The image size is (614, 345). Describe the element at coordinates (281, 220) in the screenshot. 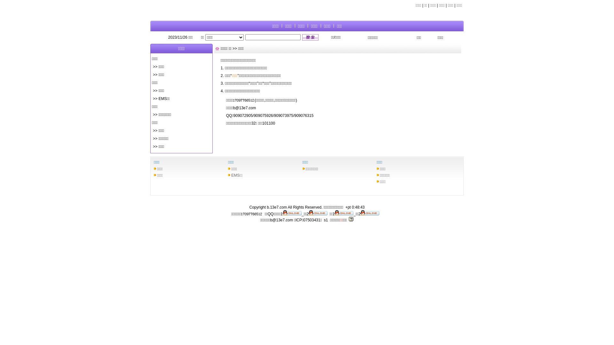

I see `'b@13e7.com'` at that location.